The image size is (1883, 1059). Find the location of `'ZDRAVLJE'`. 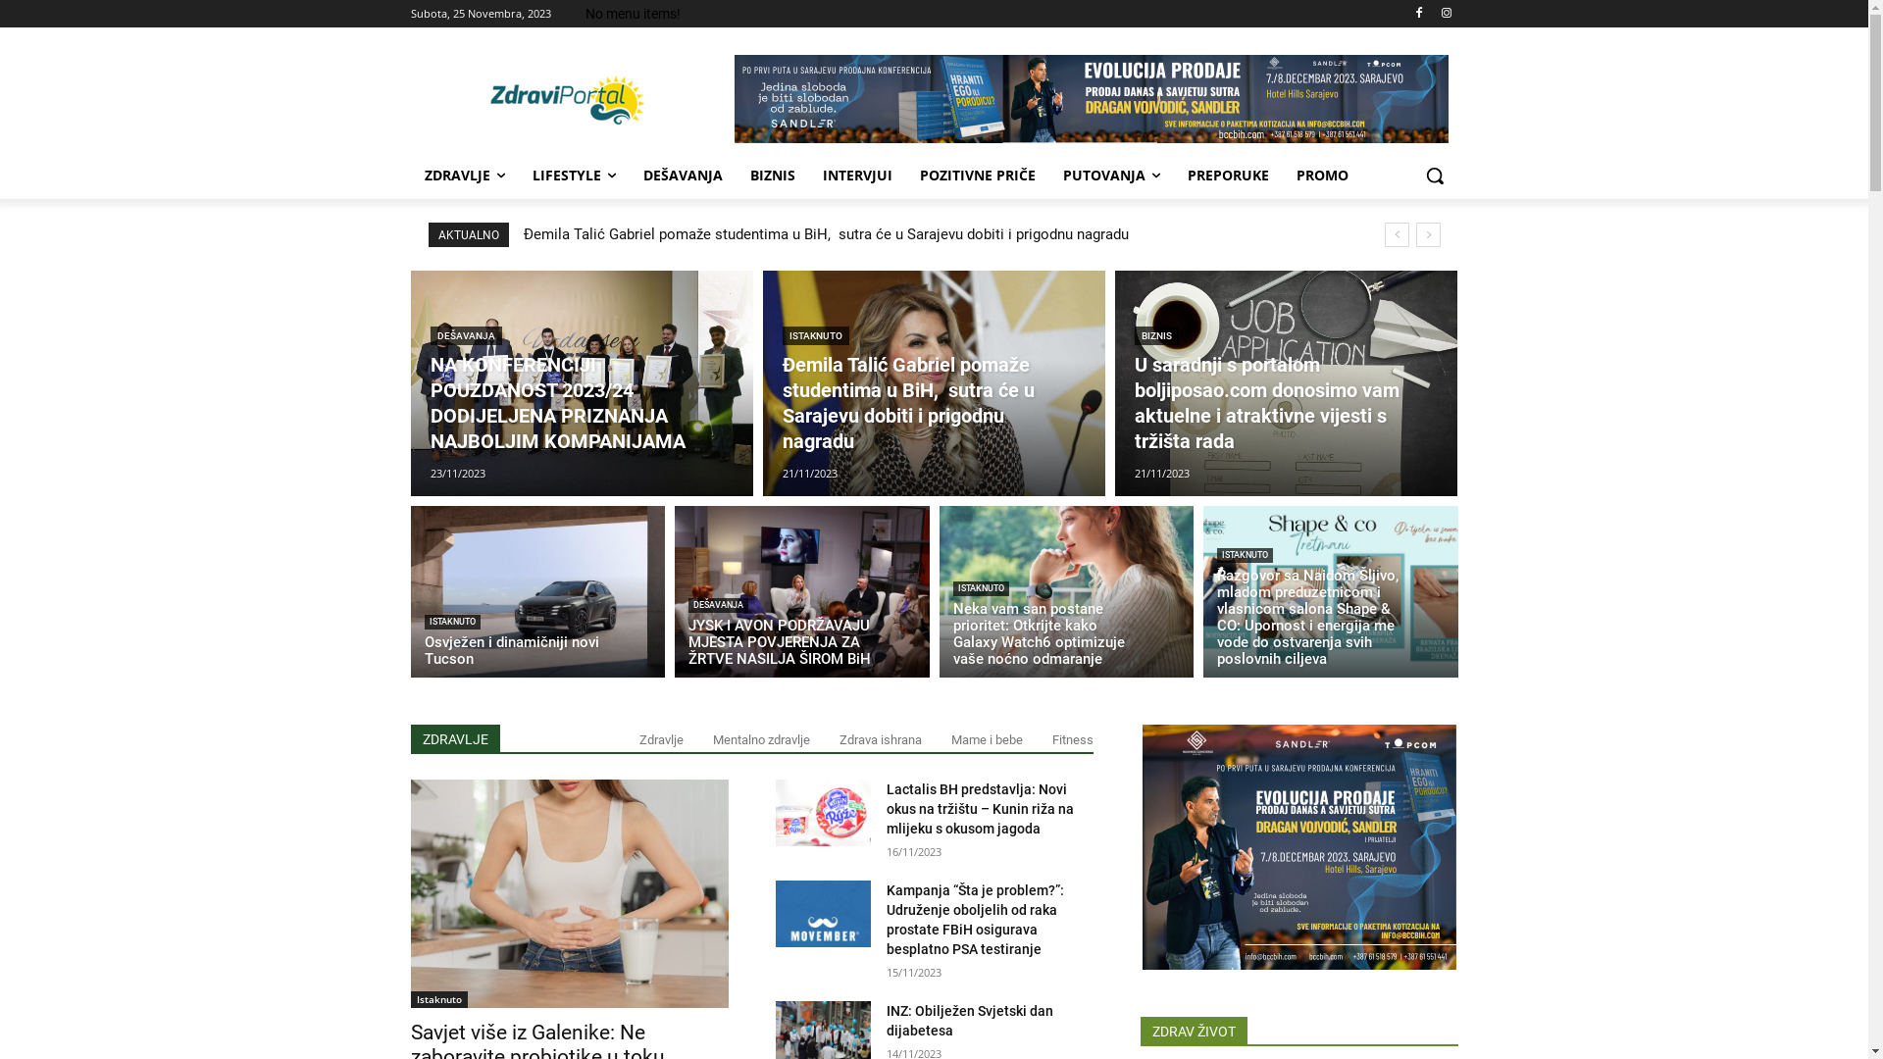

'ZDRAVLJE' is located at coordinates (463, 174).